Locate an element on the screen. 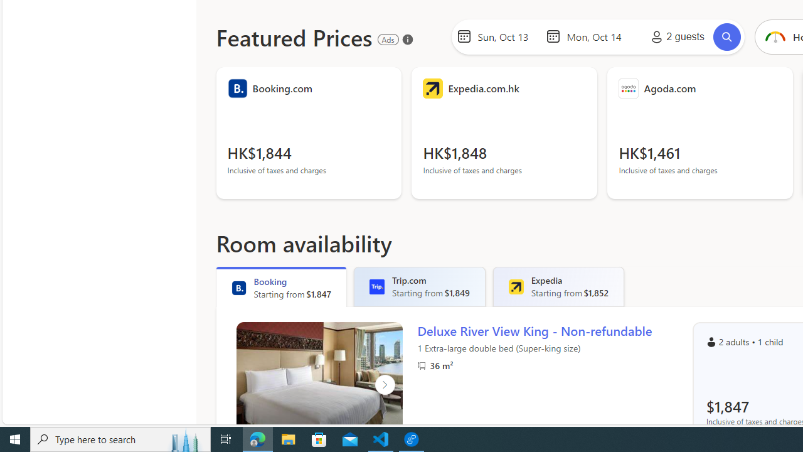 The image size is (803, 452). 'End date' is located at coordinates (597, 35).